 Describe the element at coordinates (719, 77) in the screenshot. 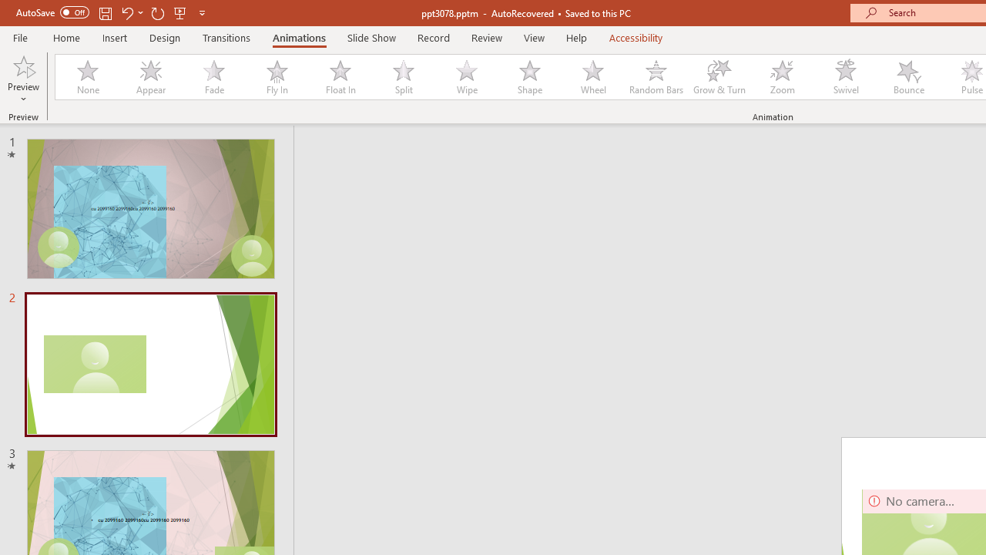

I see `'Grow & Turn'` at that location.